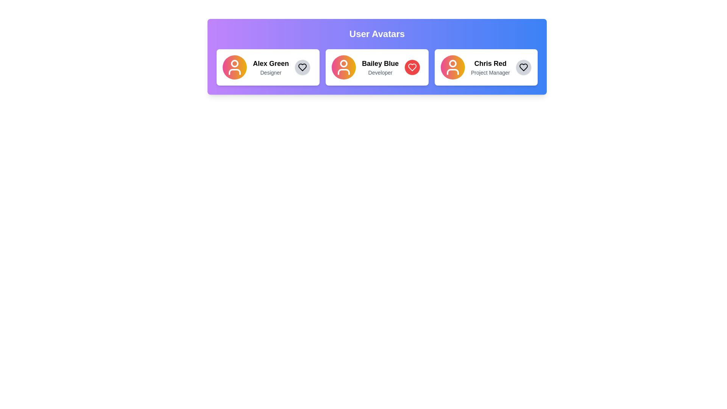 This screenshot has height=409, width=727. Describe the element at coordinates (412, 67) in the screenshot. I see `the red heart icon located in the second card labeled 'Bailey Blue', adjacent to the name and role text` at that location.